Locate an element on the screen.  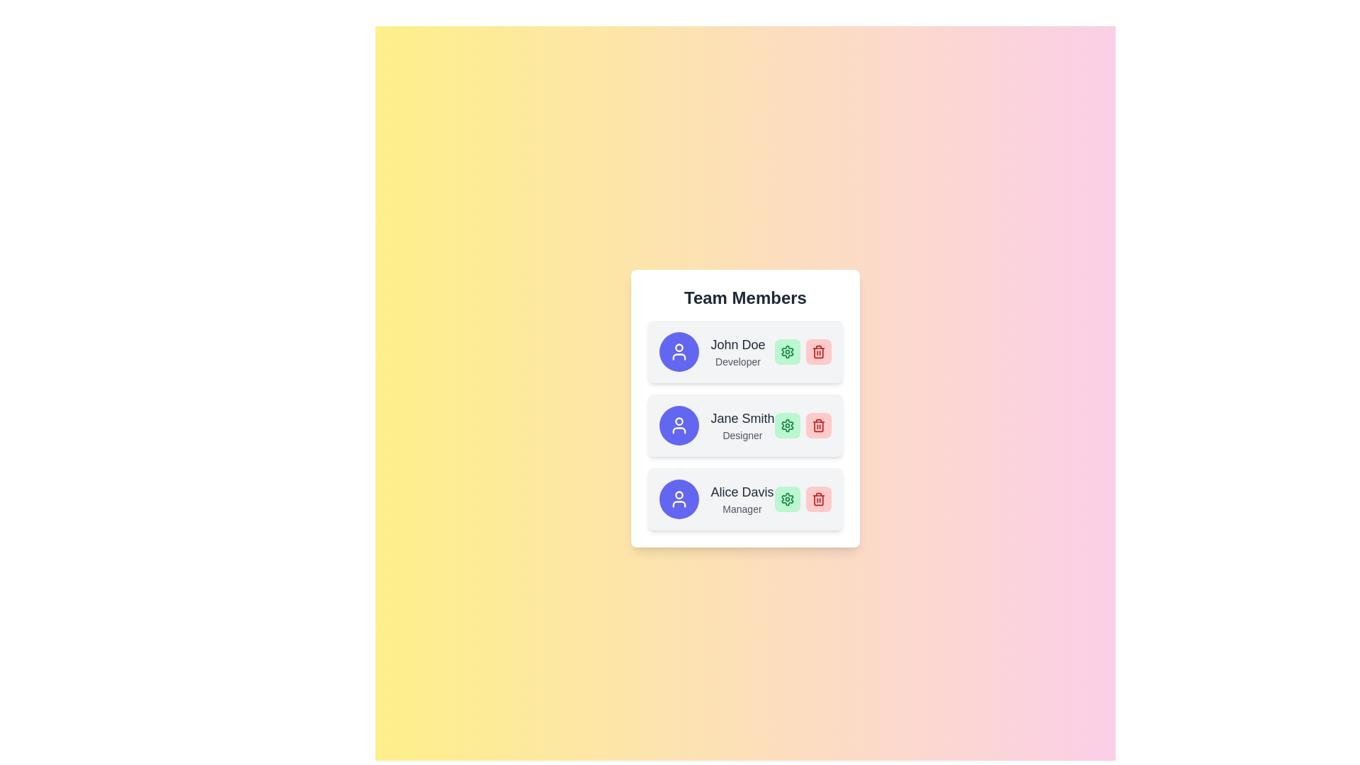
the green cogwheel icon located at the right end of the row labeled 'Alice Davis, Manager' is located at coordinates (786, 499).